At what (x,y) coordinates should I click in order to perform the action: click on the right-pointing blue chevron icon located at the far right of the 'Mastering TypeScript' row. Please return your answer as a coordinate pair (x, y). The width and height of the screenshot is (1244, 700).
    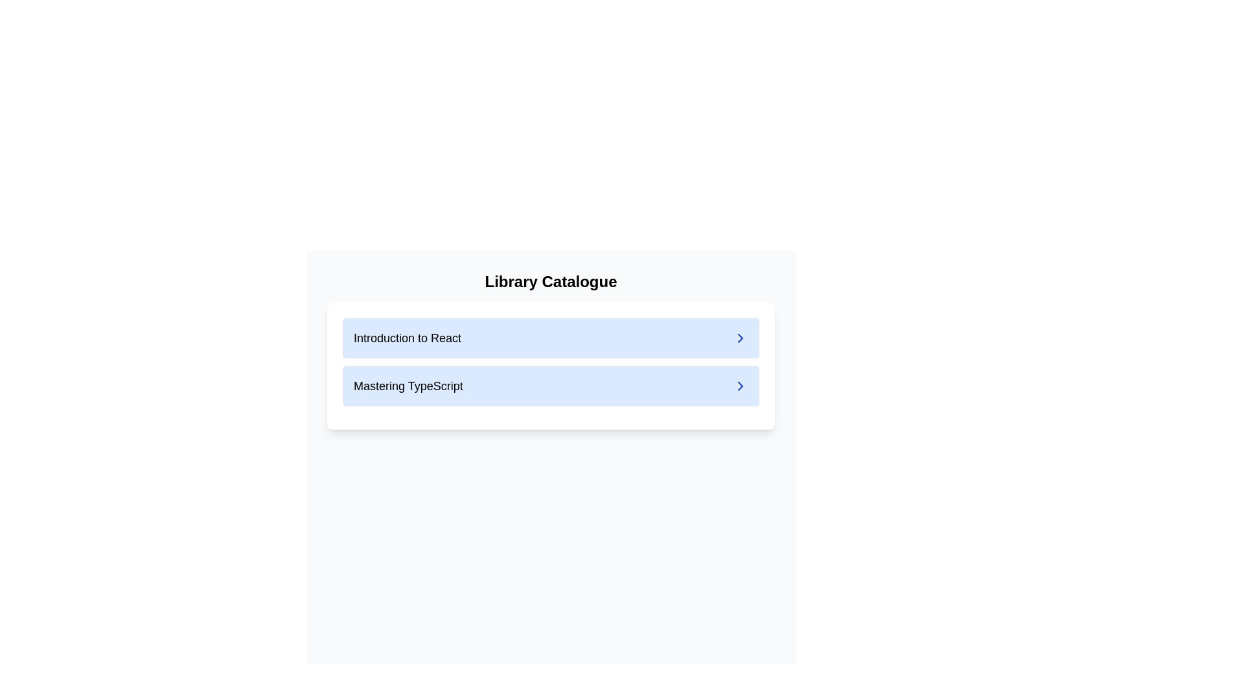
    Looking at the image, I should click on (740, 386).